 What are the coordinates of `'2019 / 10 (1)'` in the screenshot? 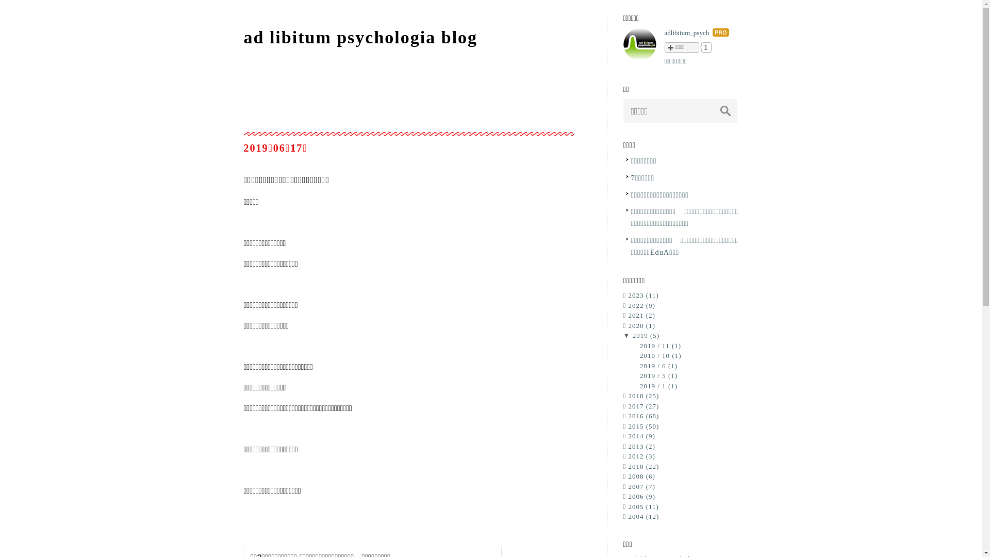 It's located at (661, 355).